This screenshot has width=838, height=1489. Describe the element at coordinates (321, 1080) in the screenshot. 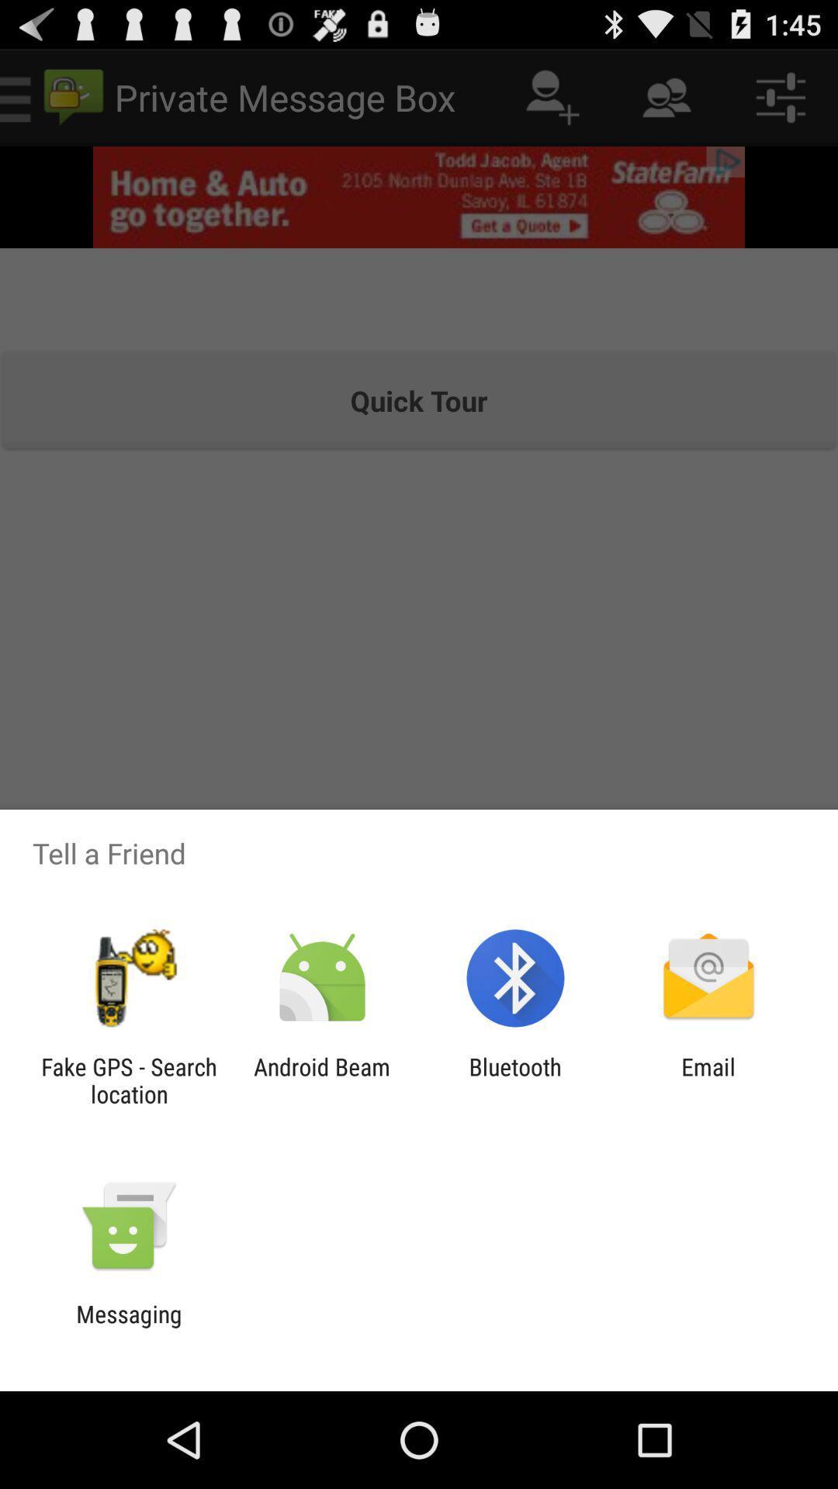

I see `icon next to the fake gps search item` at that location.